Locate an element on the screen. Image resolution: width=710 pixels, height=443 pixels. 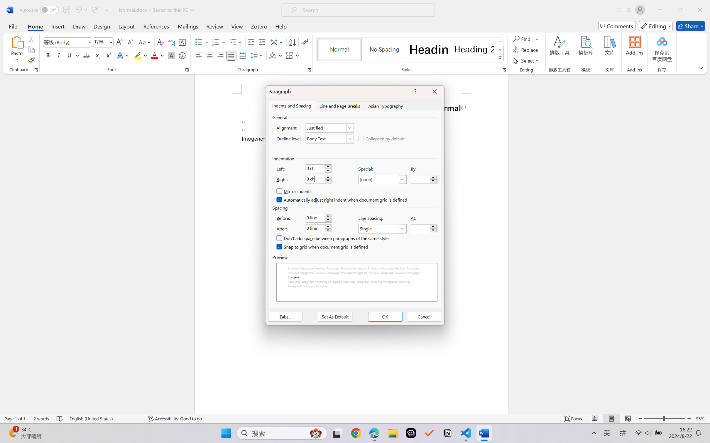
'Distributed' is located at coordinates (241, 55).